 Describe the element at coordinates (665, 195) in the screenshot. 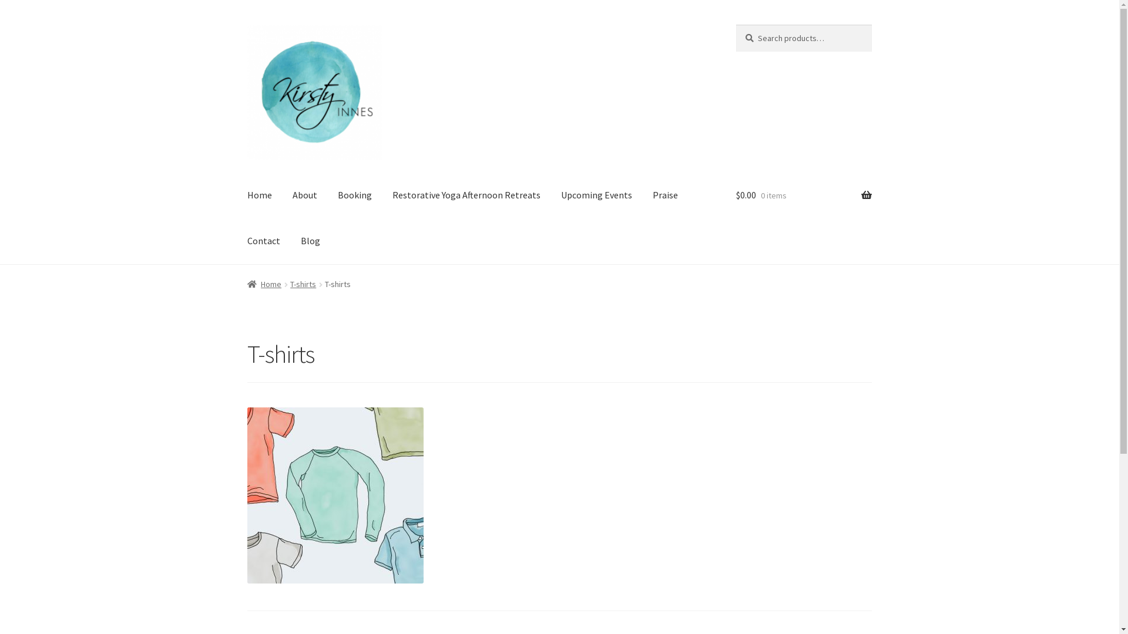

I see `'Praise'` at that location.